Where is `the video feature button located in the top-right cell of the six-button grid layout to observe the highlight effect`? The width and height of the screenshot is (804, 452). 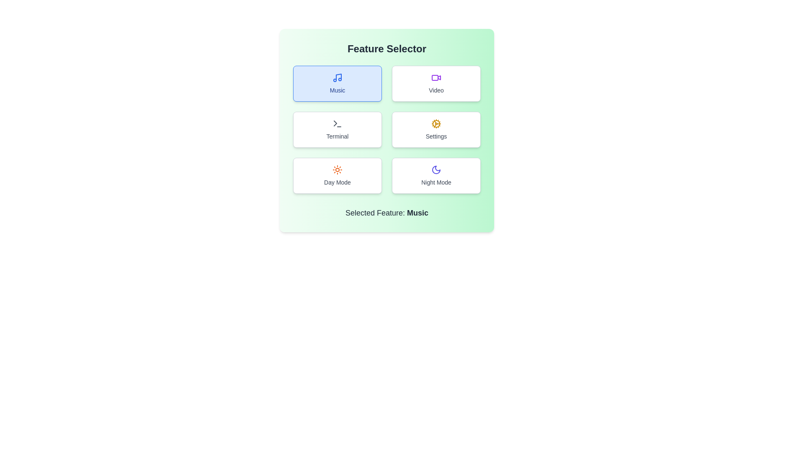 the video feature button located in the top-right cell of the six-button grid layout to observe the highlight effect is located at coordinates (435, 84).